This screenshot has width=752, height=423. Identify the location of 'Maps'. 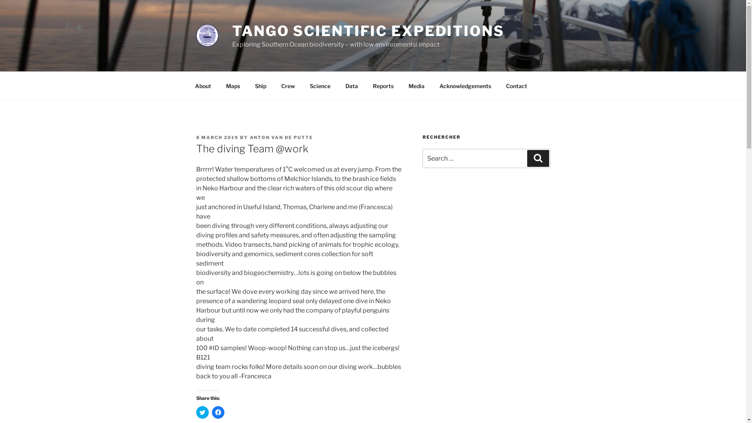
(233, 85).